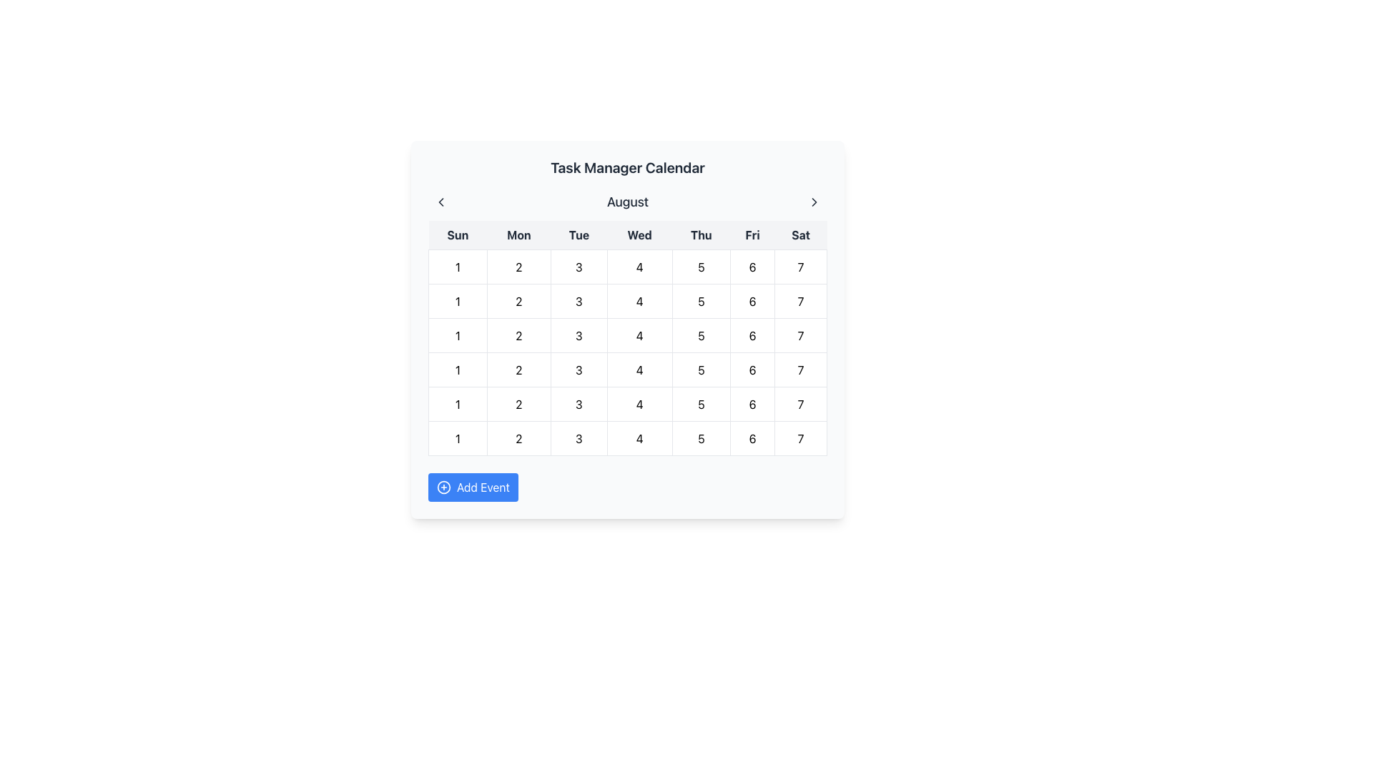  I want to click on the grid cell representing the 1st of the month, so click(458, 300).